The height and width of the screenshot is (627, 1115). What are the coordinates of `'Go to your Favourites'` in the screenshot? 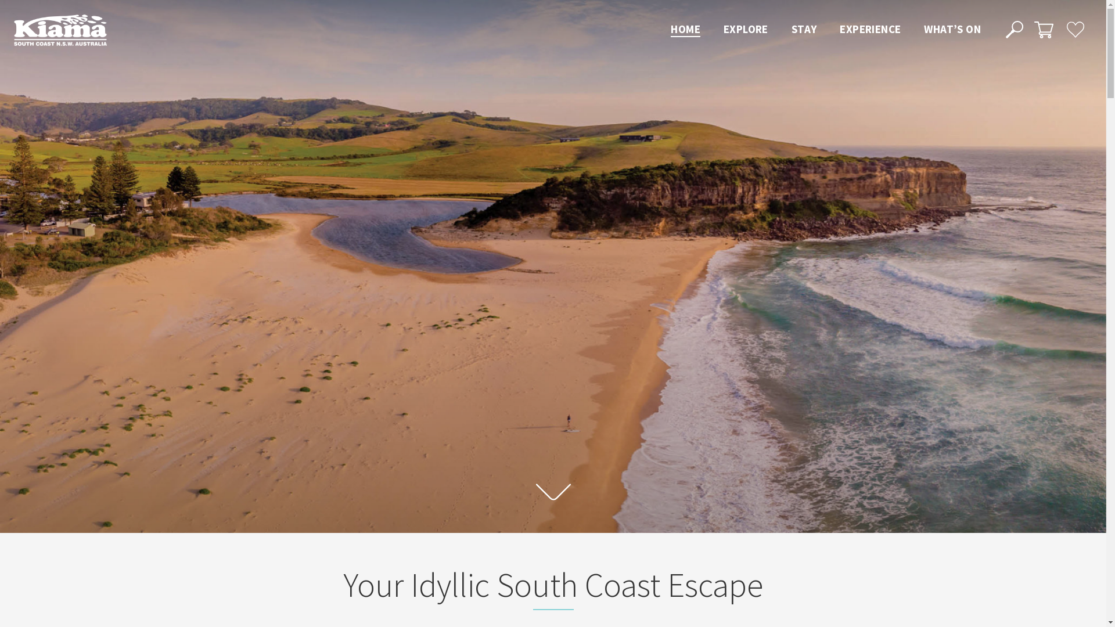 It's located at (1074, 28).